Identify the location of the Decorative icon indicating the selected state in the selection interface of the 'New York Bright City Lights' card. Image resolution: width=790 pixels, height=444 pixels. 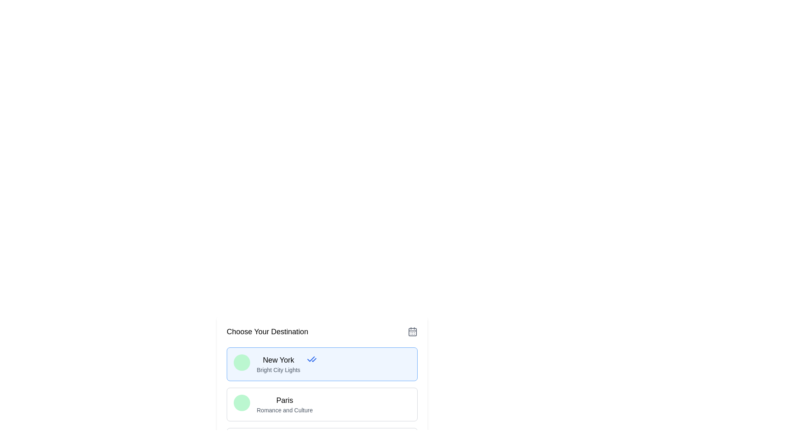
(311, 359).